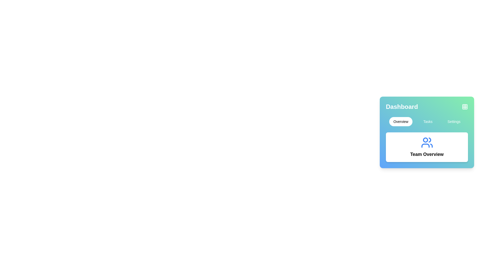  I want to click on the greenish square tile located in the top-right position of the grid icon, which is characterized by its rounded corners and part of a larger grid design, so click(465, 106).